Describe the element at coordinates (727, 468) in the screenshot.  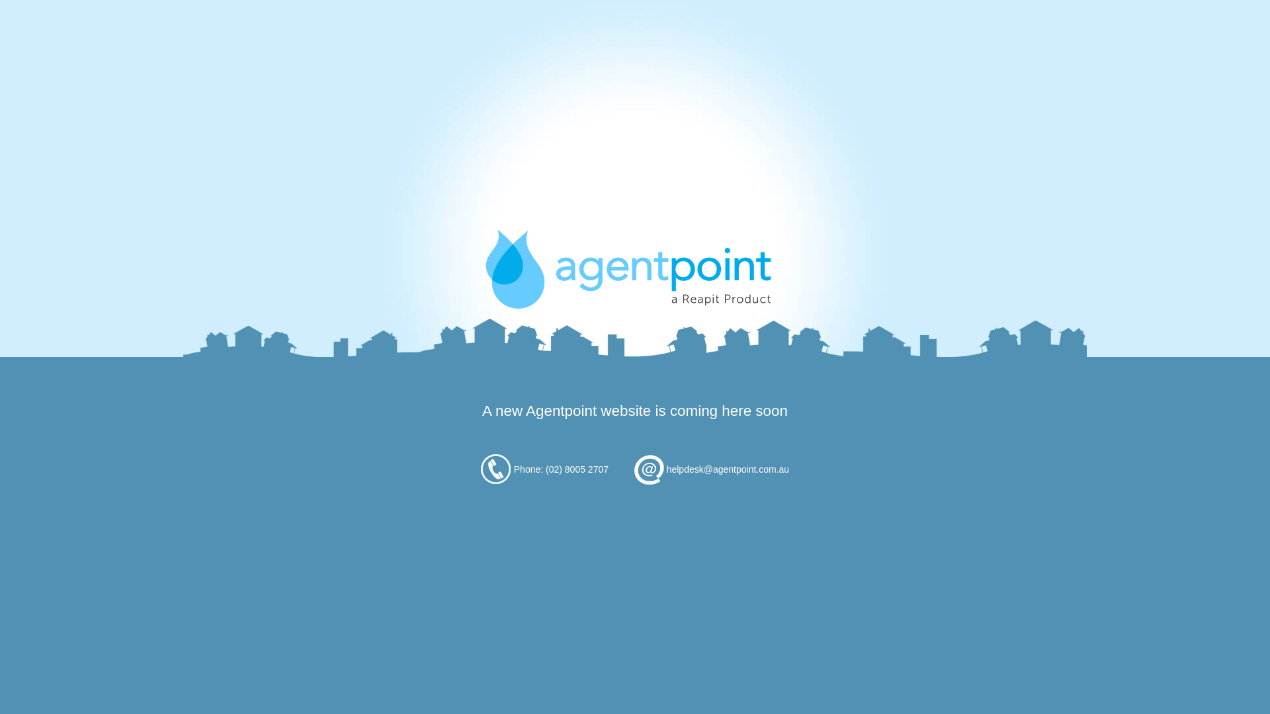
I see `'helpdesk@agentpoint.com.au'` at that location.